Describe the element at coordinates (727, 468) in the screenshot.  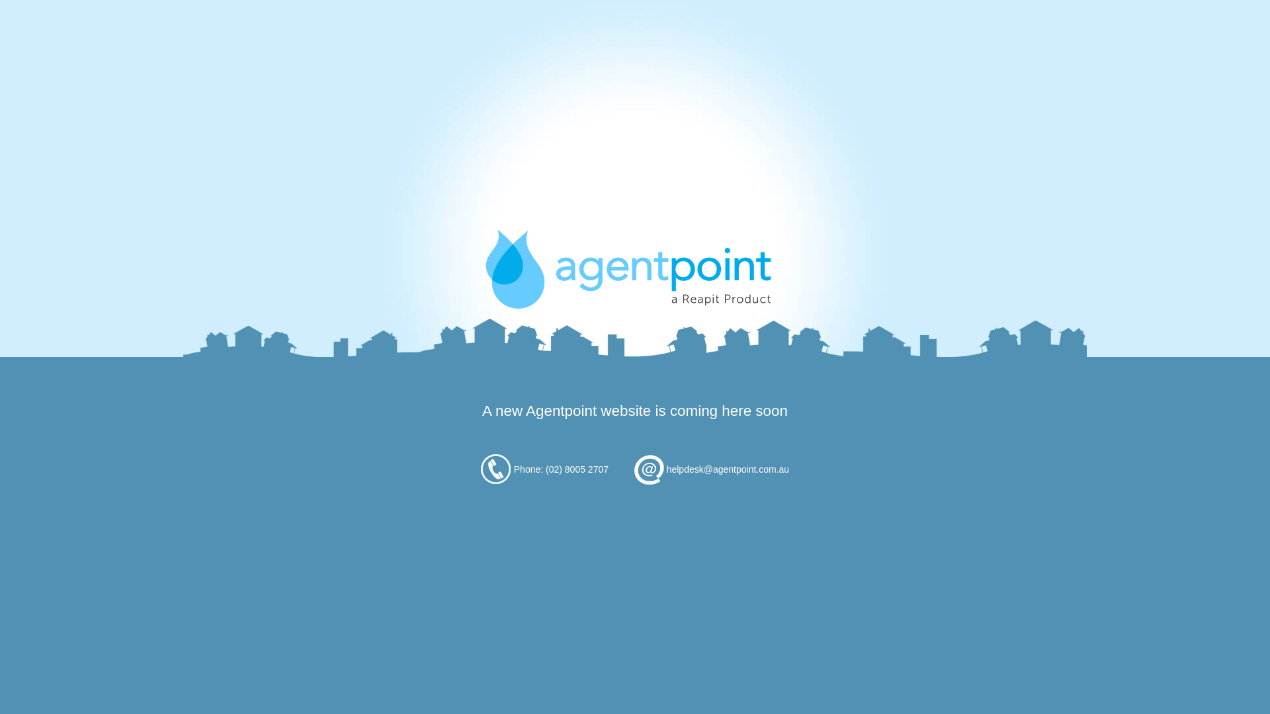
I see `'helpdesk@agentpoint.com.au'` at that location.